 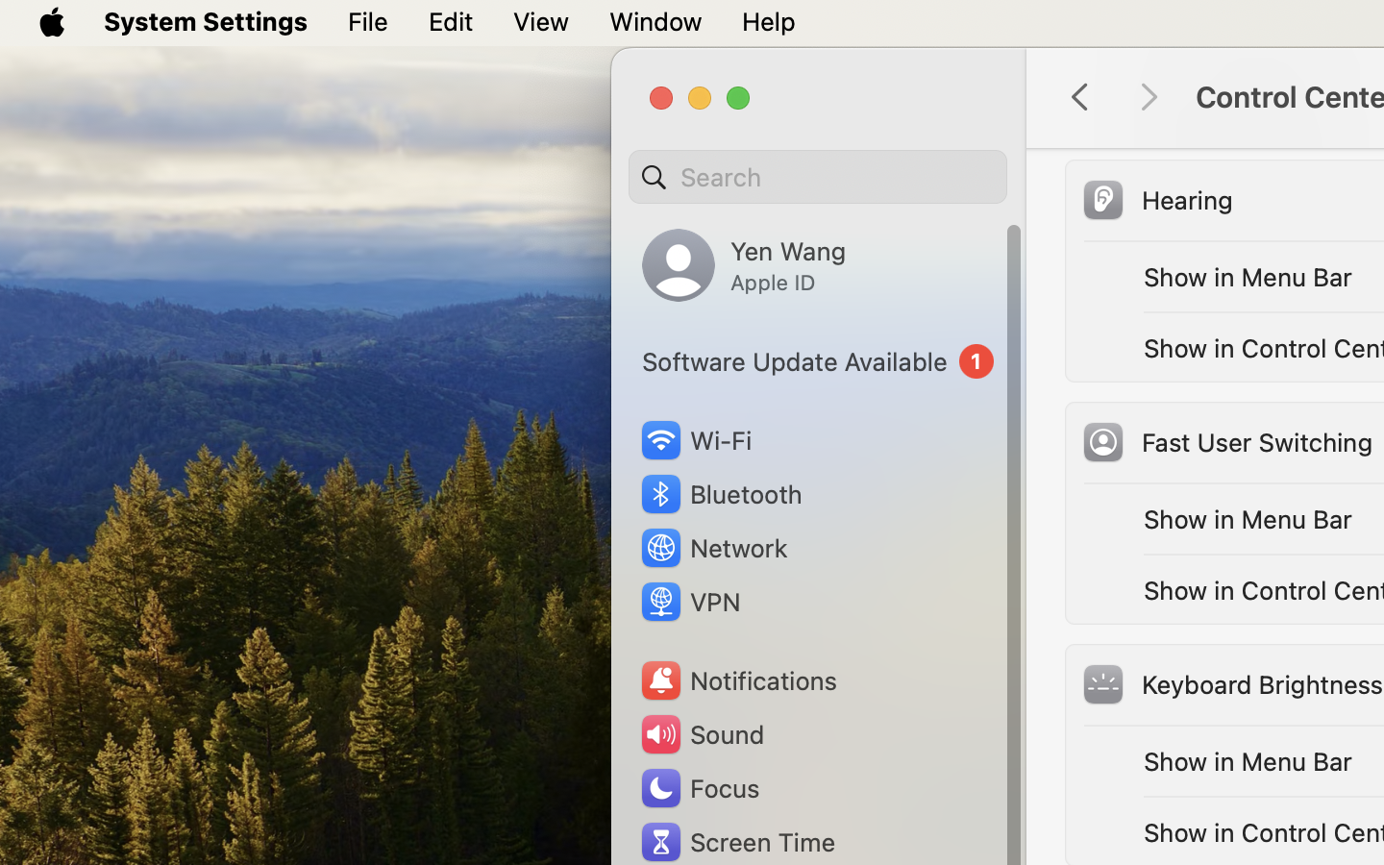 What do you see at coordinates (712, 547) in the screenshot?
I see `'Network'` at bounding box center [712, 547].